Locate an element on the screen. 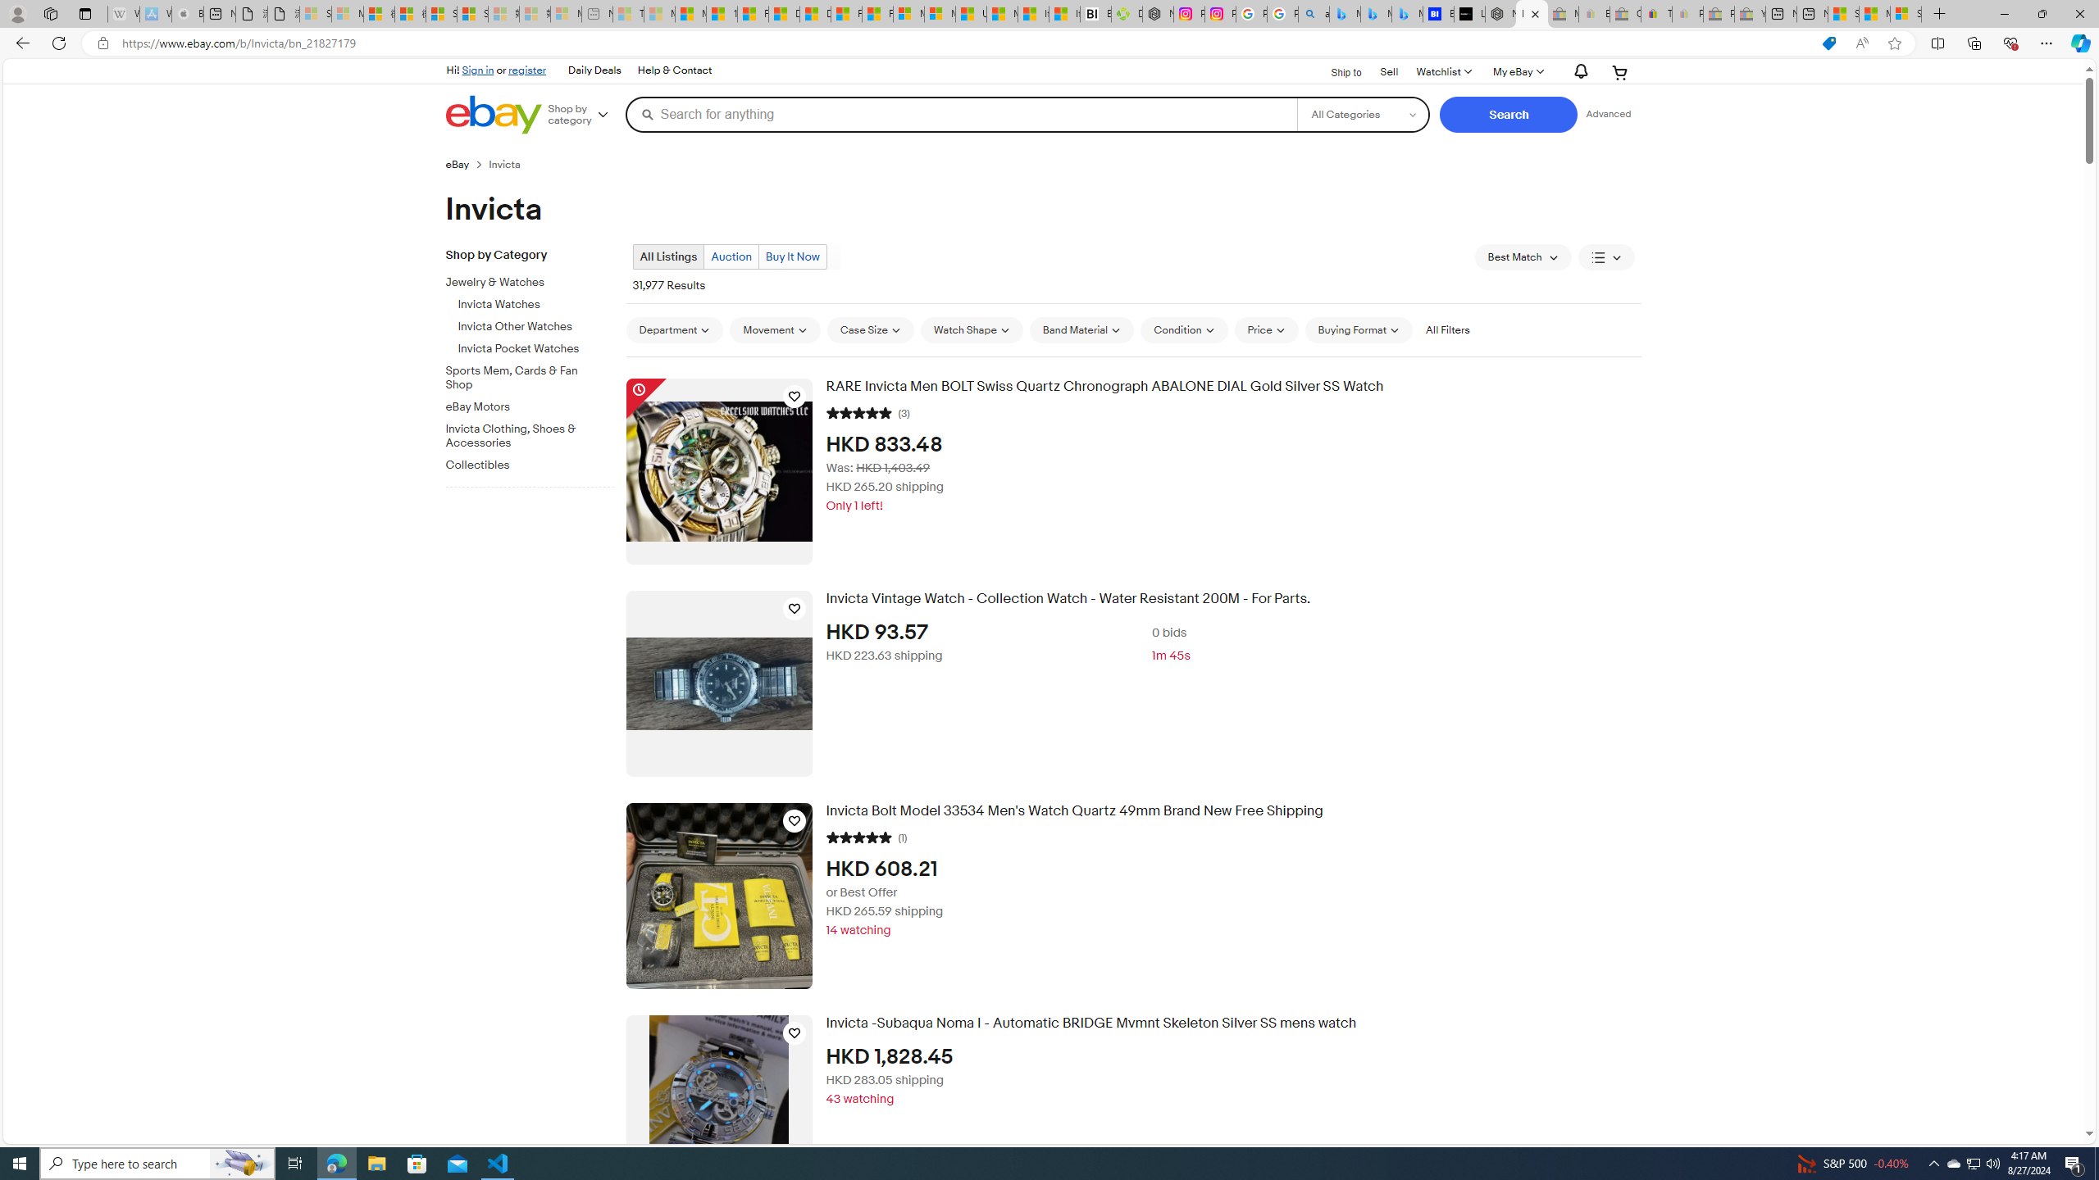 This screenshot has height=1180, width=2099. 'eBay' is located at coordinates (458, 163).